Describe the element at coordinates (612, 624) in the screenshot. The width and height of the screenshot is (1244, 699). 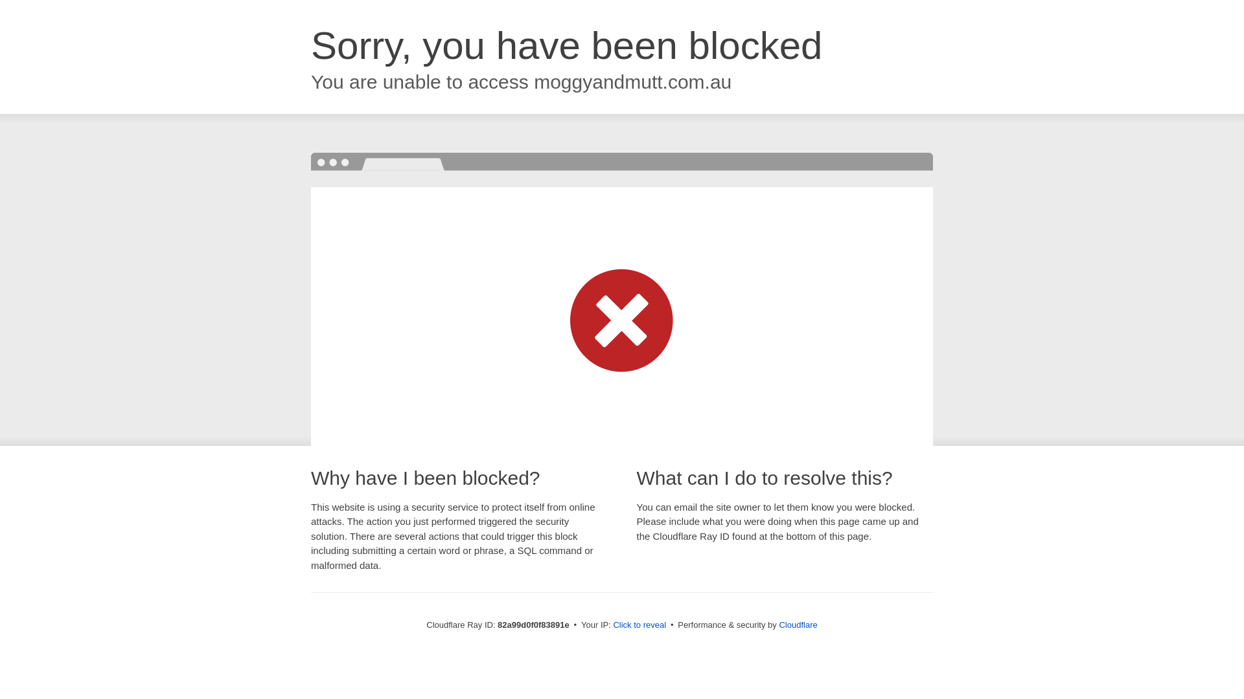
I see `'Click to reveal'` at that location.